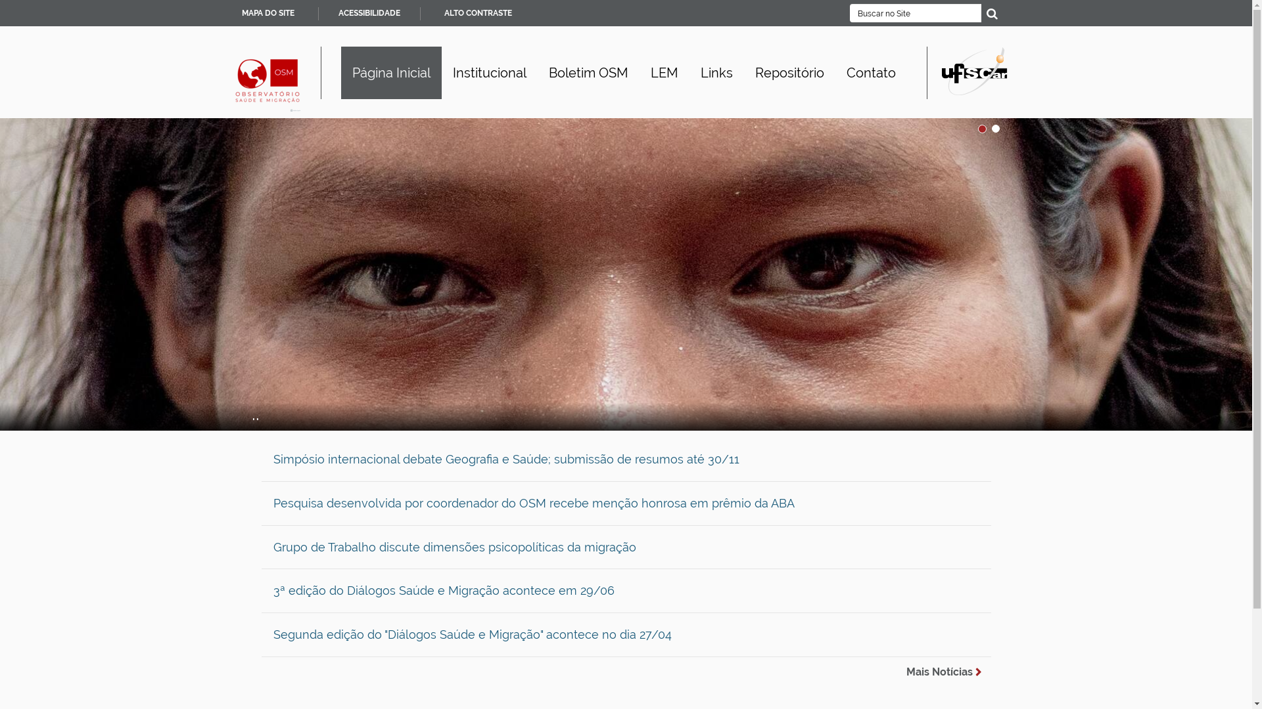  Describe the element at coordinates (870, 73) in the screenshot. I see `'Contato'` at that location.